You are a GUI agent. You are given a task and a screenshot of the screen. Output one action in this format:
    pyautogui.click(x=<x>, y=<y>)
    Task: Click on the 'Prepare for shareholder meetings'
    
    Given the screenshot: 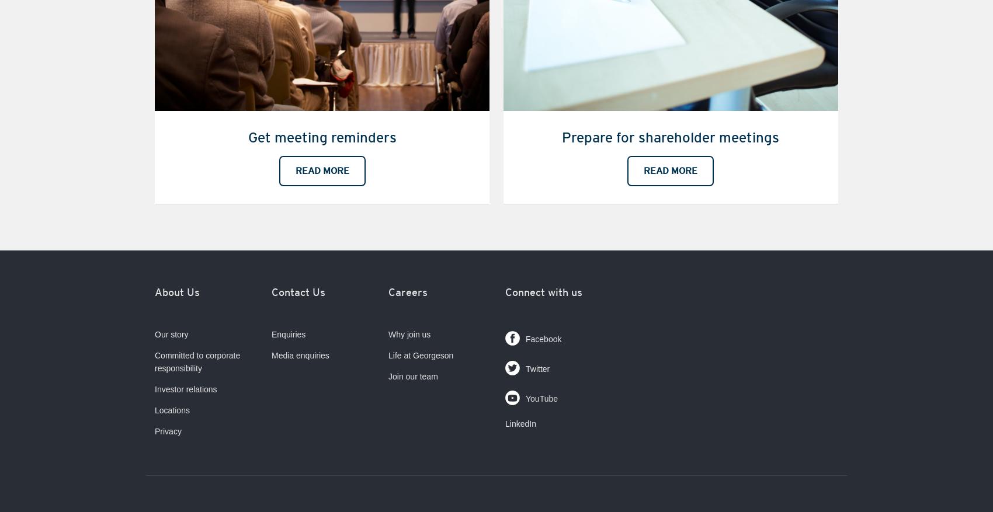 What is the action you would take?
    pyautogui.click(x=671, y=137)
    